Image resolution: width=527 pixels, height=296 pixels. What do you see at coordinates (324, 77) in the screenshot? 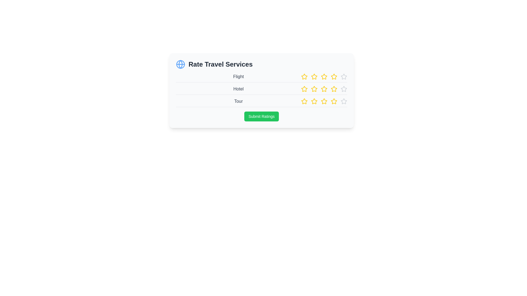
I see `the third yellow star icon in the horizontal arrangement of rating stars located under the 'Flight' label to rate it` at bounding box center [324, 77].